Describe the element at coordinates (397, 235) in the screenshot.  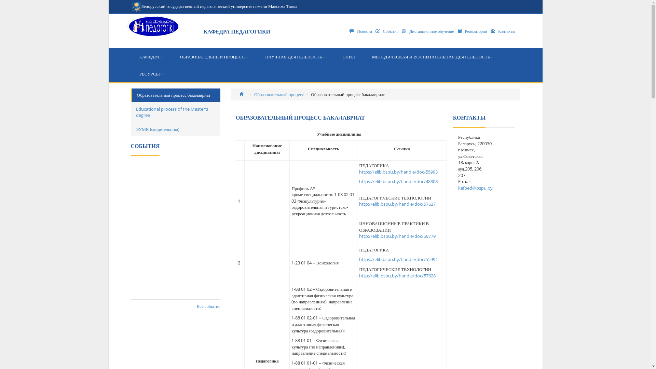
I see `'http://elib.bspu.by/handle/doc/58779'` at that location.